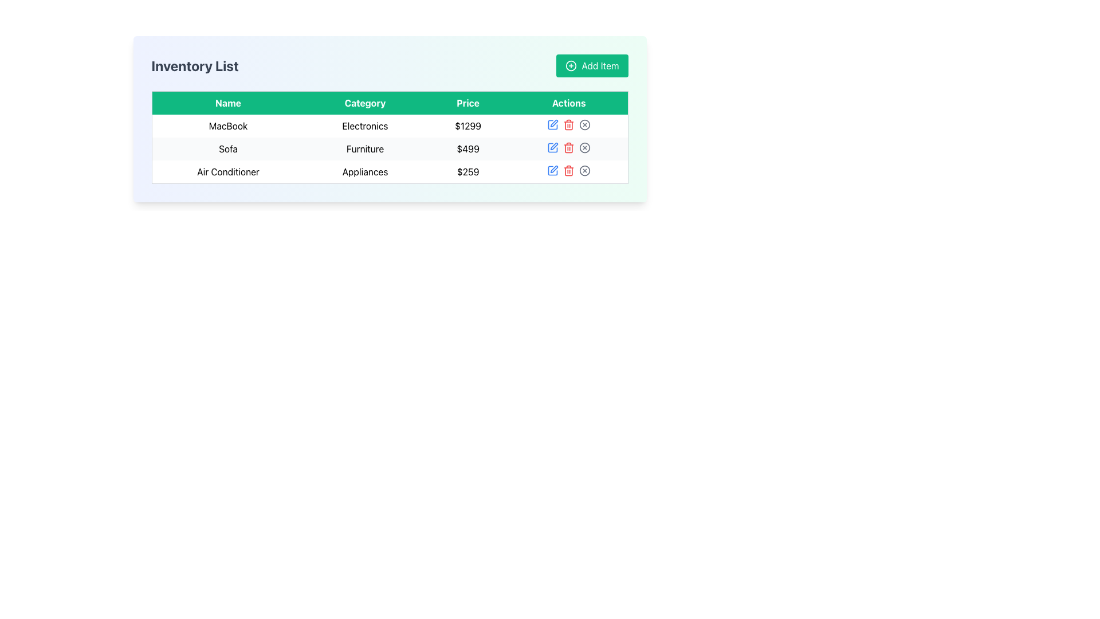 This screenshot has width=1100, height=619. What do you see at coordinates (364, 102) in the screenshot?
I see `the header label for the 'Category' column in the table, which is positioned between the 'Name' and 'Price' columns` at bounding box center [364, 102].